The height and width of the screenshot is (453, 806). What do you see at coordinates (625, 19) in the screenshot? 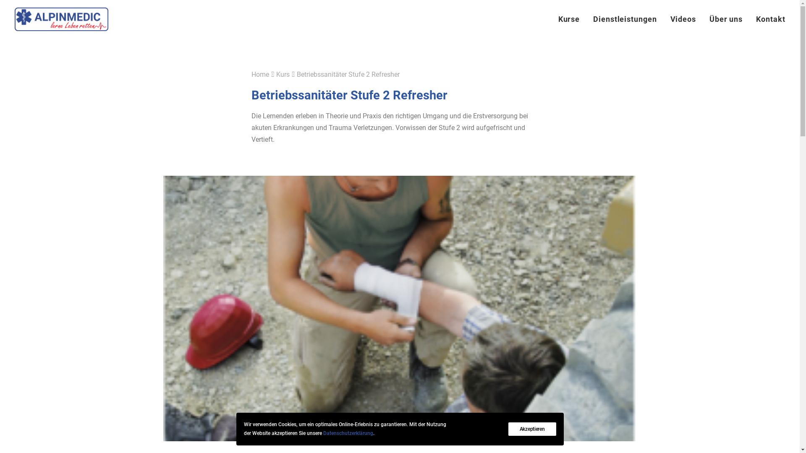
I see `'Dienstleistungen'` at bounding box center [625, 19].